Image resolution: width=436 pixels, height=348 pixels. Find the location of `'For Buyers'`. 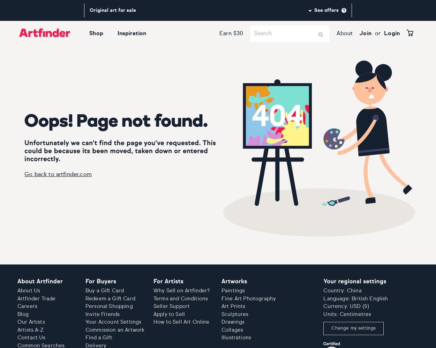

'For Buyers' is located at coordinates (101, 282).